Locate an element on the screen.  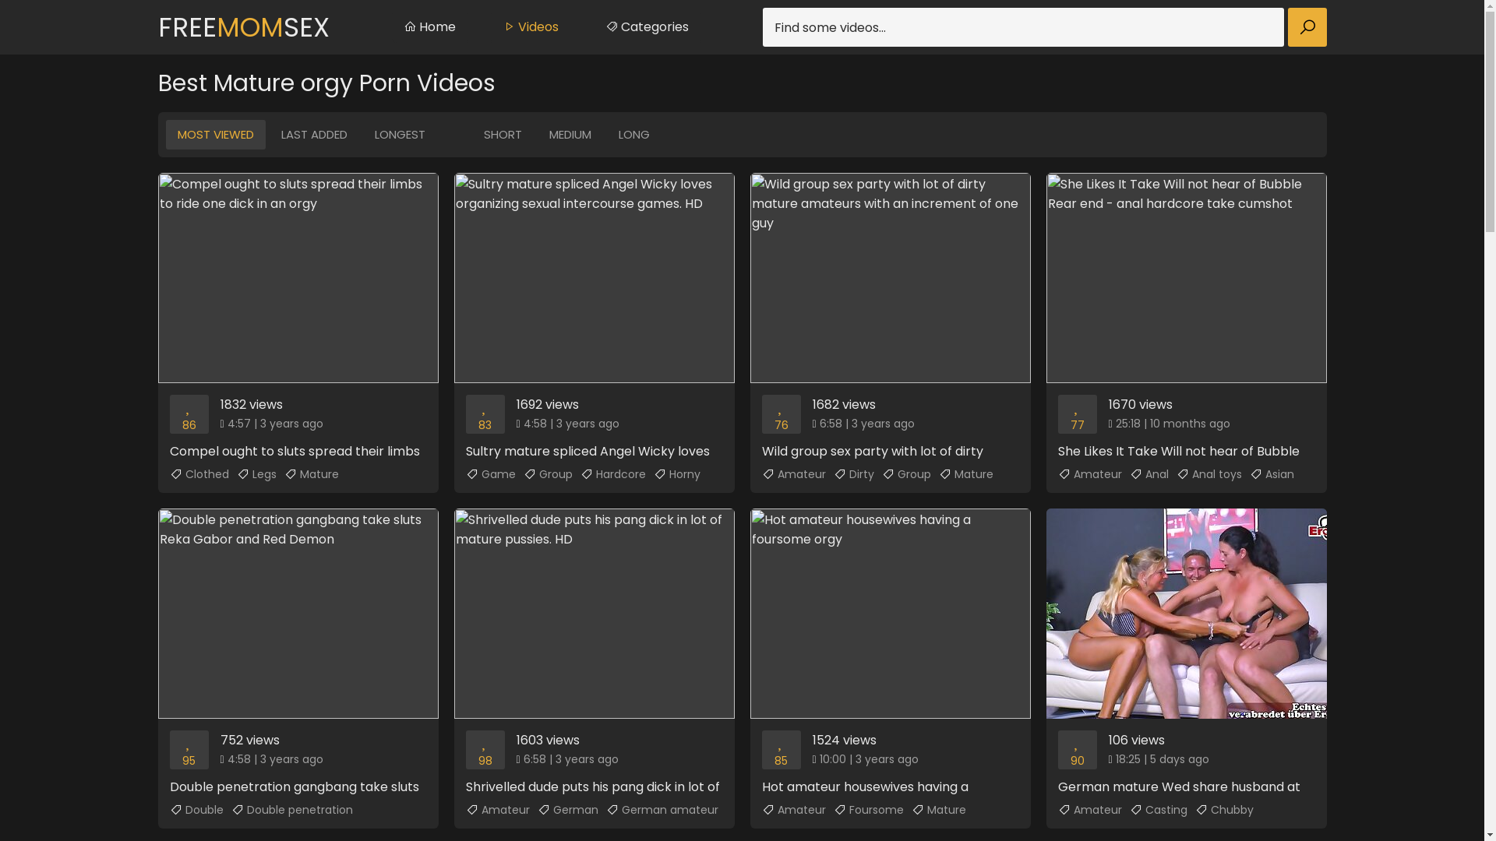
'Asian' is located at coordinates (1272, 473).